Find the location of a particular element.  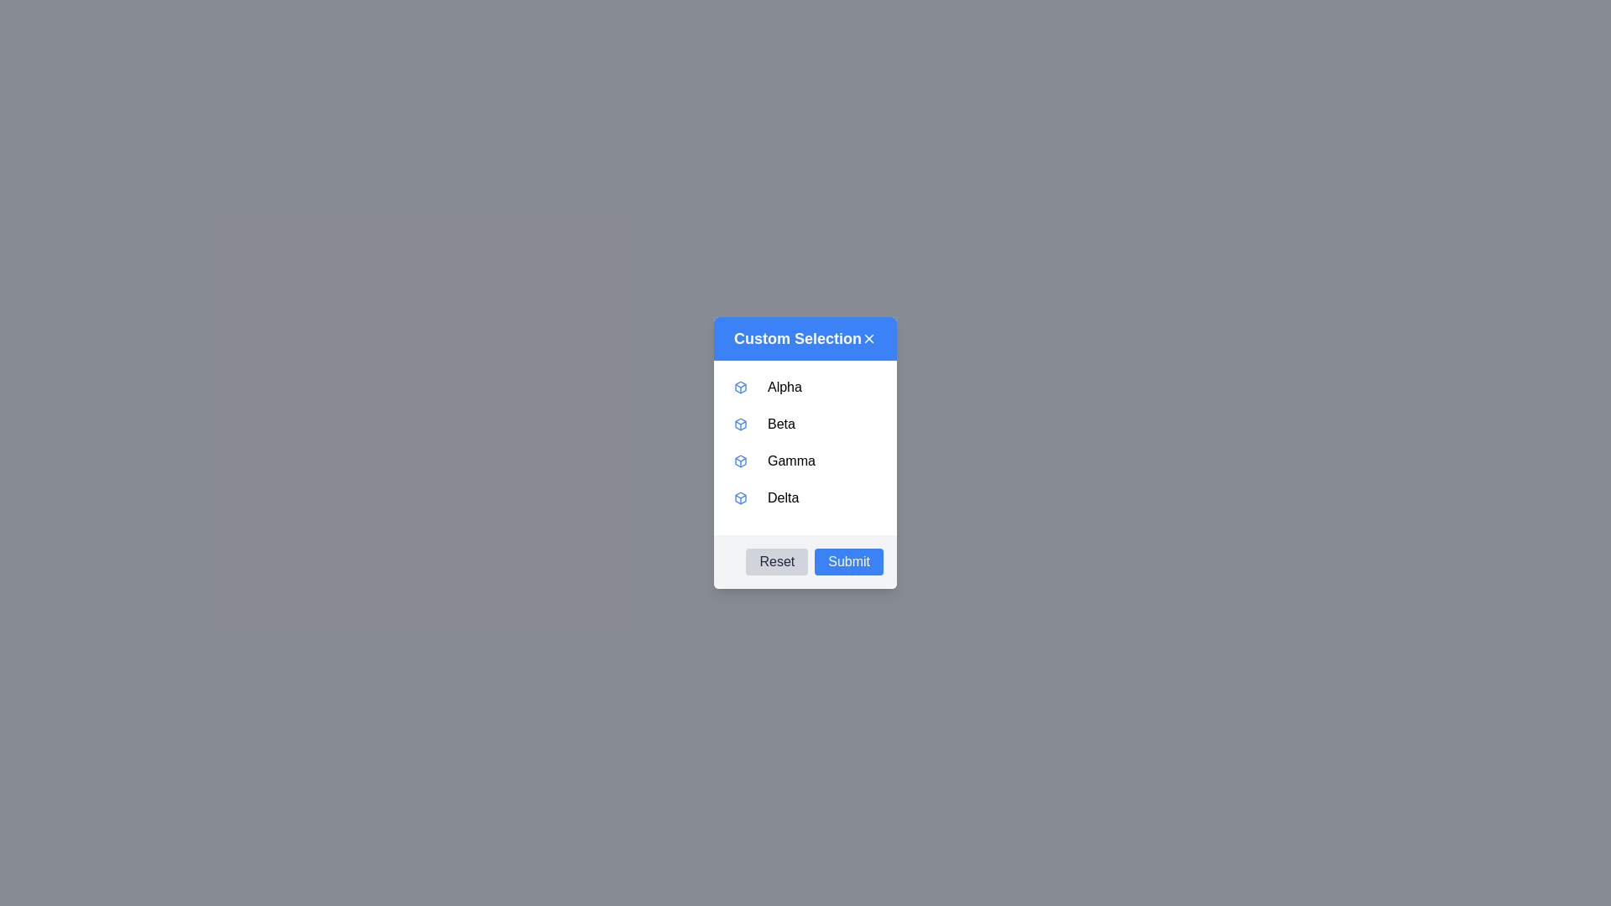

the blue bordered hexagonal icon located to the left of the text 'Beta' in the 'Custom Selection' modal is located at coordinates (740, 423).